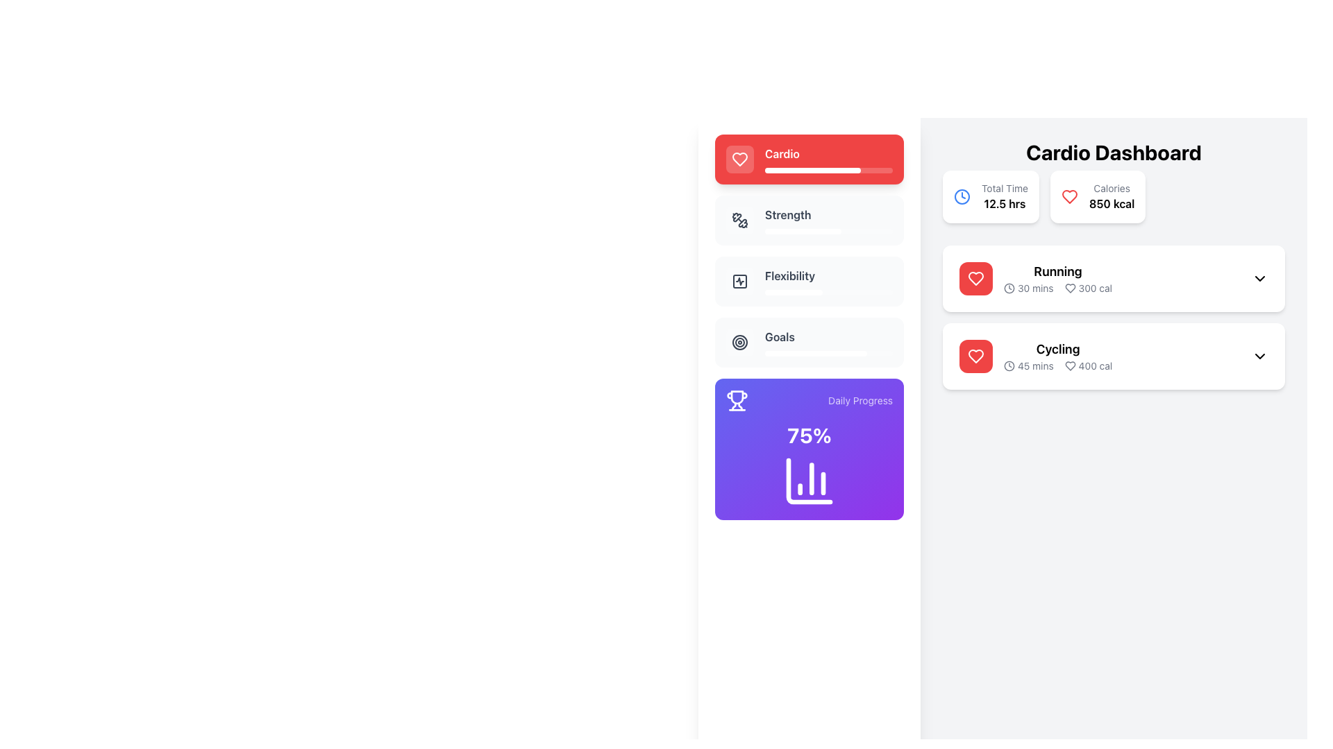 The image size is (1333, 749). What do you see at coordinates (810, 449) in the screenshot?
I see `the bar chart representation of the daily progress card that displays a 75% completion rate, located directly below the 'Goals' card in the vertical stack of cards` at bounding box center [810, 449].